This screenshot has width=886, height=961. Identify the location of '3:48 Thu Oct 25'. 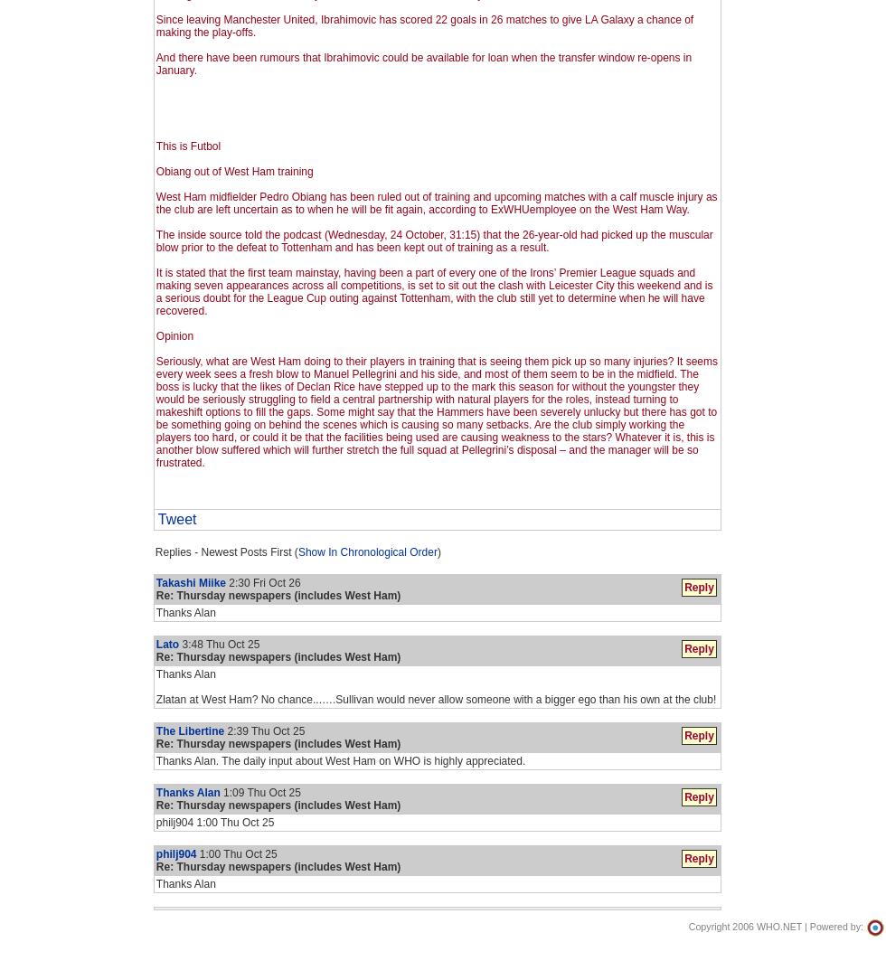
(221, 643).